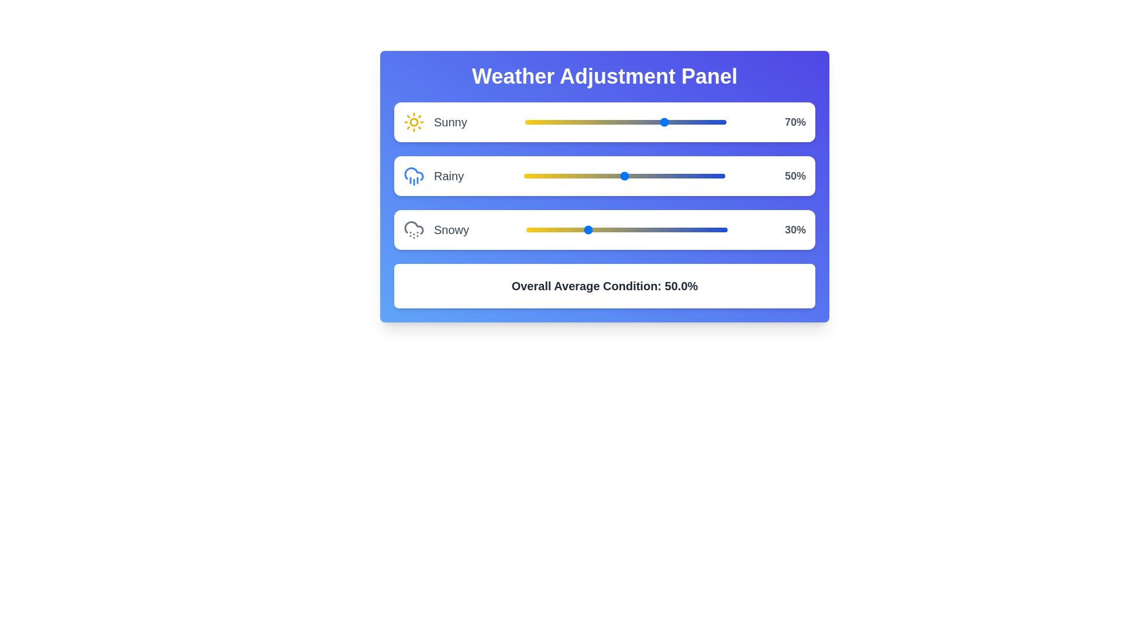  Describe the element at coordinates (448, 176) in the screenshot. I see `the text label displaying 'Rainy' in a large, gray, capitalized font, located in the second row of the weather adjustment panel` at that location.